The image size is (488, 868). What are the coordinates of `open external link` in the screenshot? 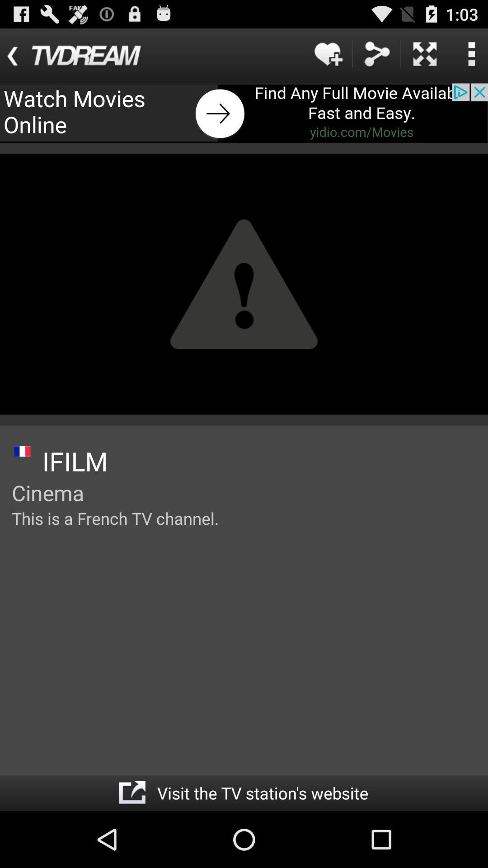 It's located at (132, 793).